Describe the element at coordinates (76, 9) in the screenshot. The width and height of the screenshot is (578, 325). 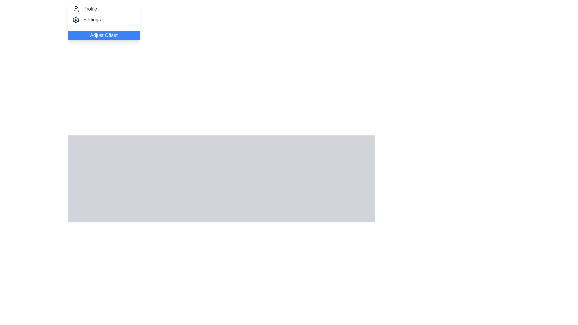
I see `the 'Profile' icon located at the top left section of the interface` at that location.